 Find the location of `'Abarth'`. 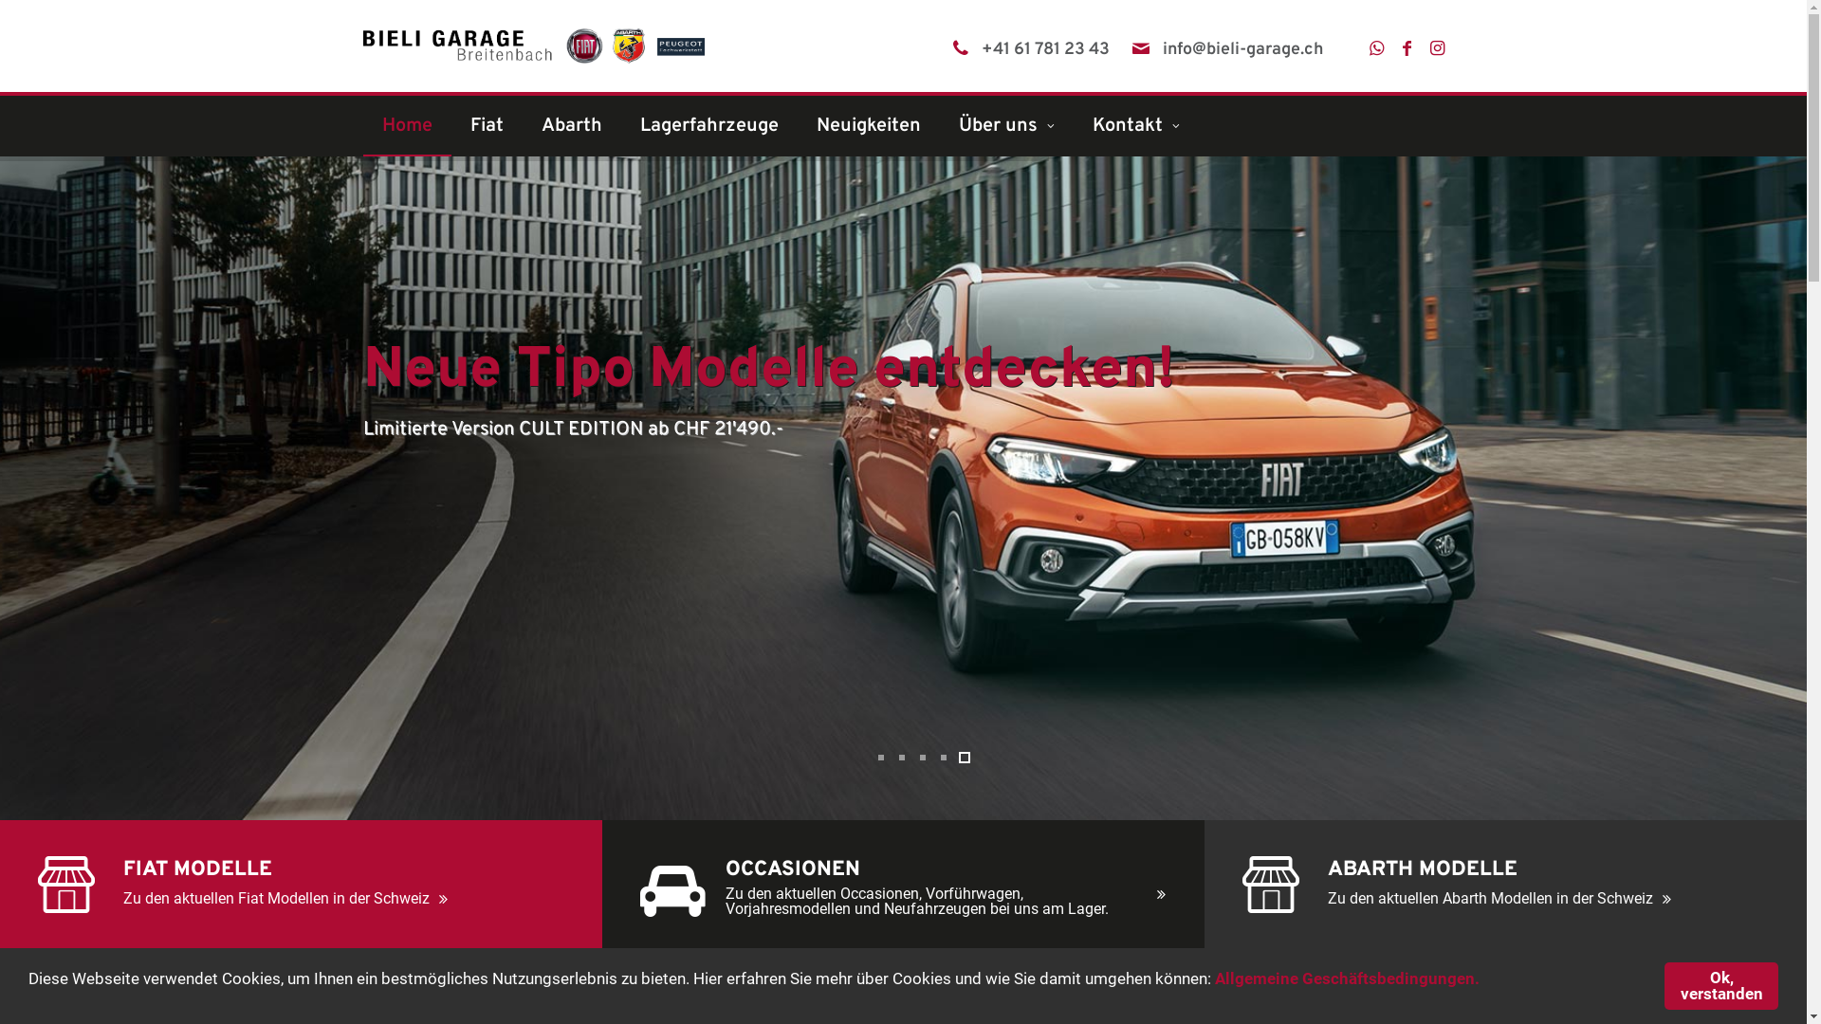

'Abarth' is located at coordinates (522, 125).